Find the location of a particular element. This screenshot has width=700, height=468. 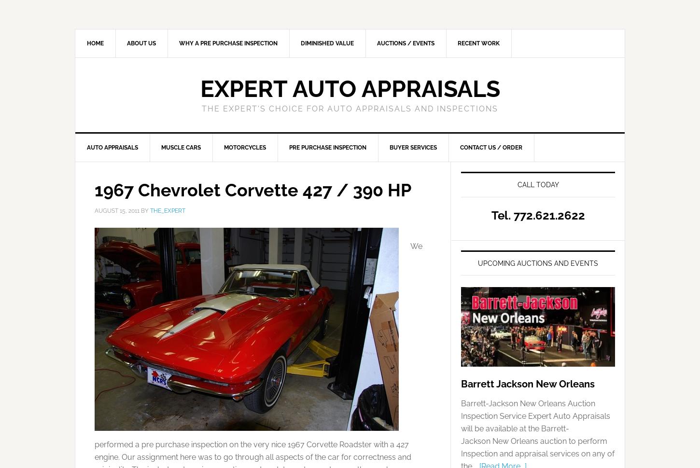

'Auctions / Events' is located at coordinates (377, 43).